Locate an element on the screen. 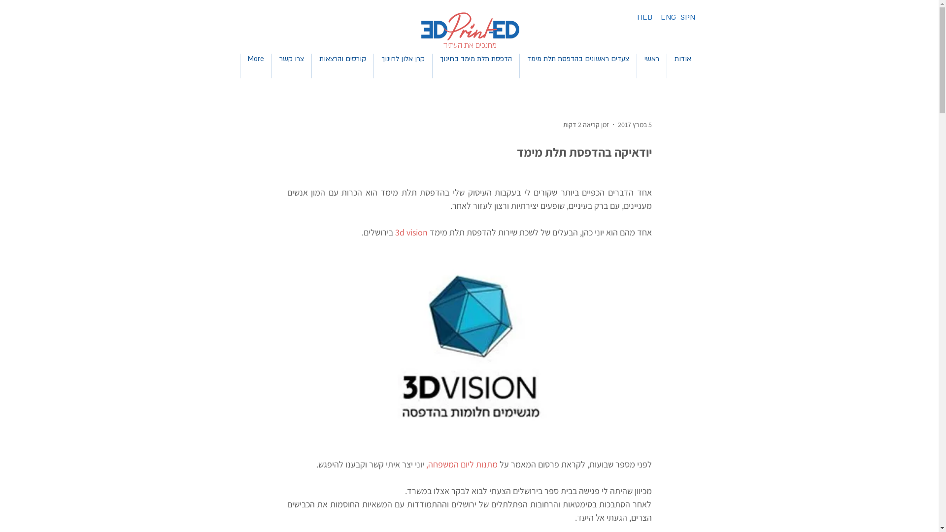  'SPN' is located at coordinates (687, 17).